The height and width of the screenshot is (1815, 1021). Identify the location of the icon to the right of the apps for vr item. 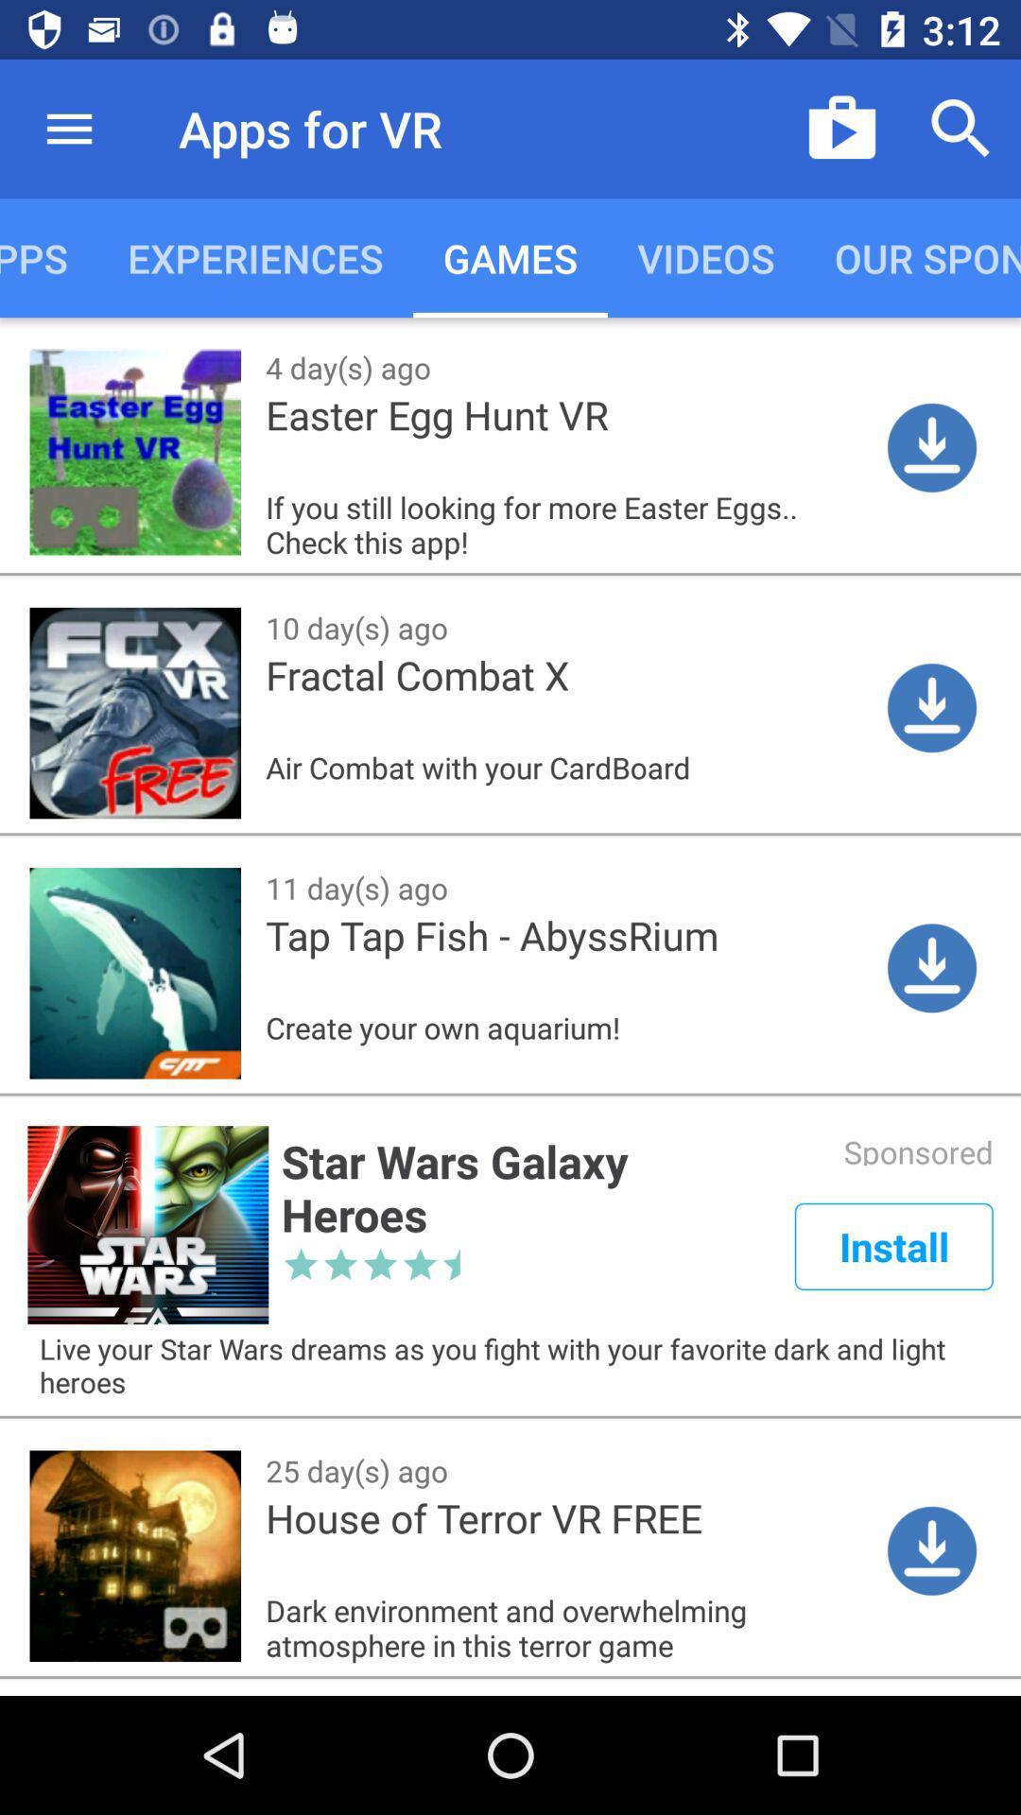
(841, 128).